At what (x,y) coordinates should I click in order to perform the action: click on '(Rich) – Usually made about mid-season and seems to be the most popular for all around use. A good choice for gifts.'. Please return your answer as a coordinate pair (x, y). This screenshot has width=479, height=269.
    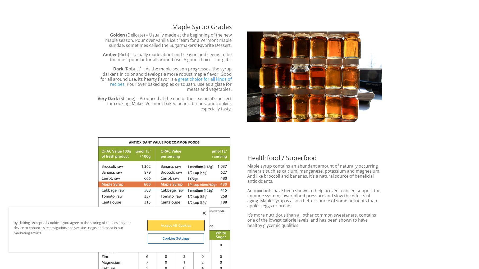
    Looking at the image, I should click on (169, 57).